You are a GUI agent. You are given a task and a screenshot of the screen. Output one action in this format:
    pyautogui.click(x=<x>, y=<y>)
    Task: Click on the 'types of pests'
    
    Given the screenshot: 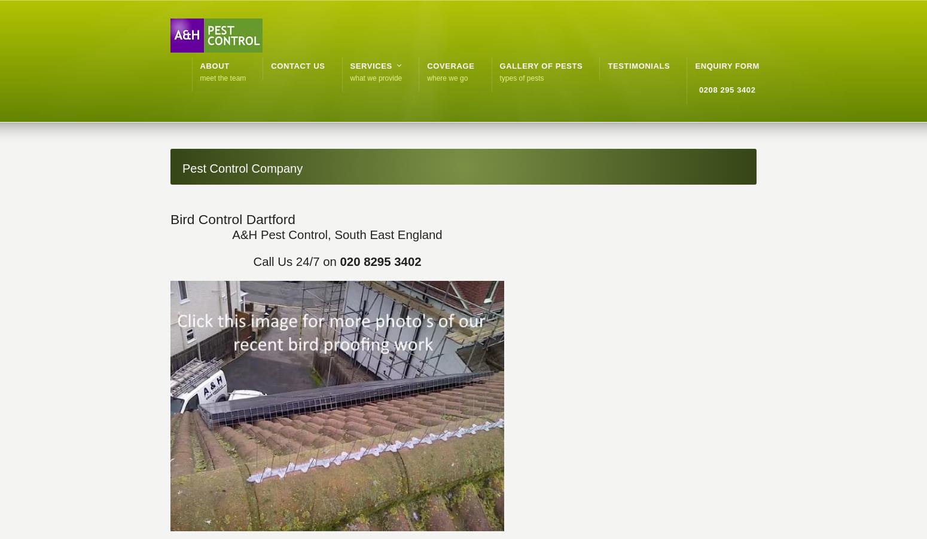 What is the action you would take?
    pyautogui.click(x=522, y=78)
    